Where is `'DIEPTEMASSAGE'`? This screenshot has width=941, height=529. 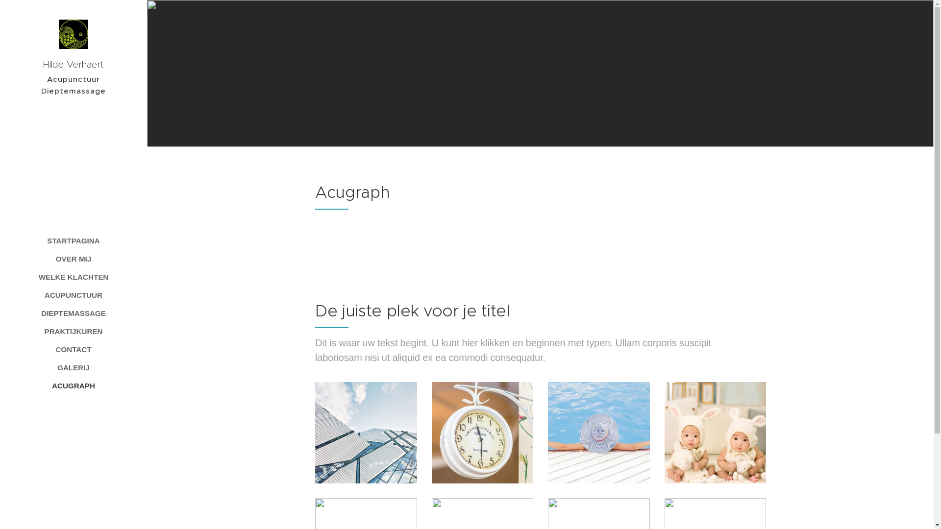 'DIEPTEMASSAGE' is located at coordinates (73, 313).